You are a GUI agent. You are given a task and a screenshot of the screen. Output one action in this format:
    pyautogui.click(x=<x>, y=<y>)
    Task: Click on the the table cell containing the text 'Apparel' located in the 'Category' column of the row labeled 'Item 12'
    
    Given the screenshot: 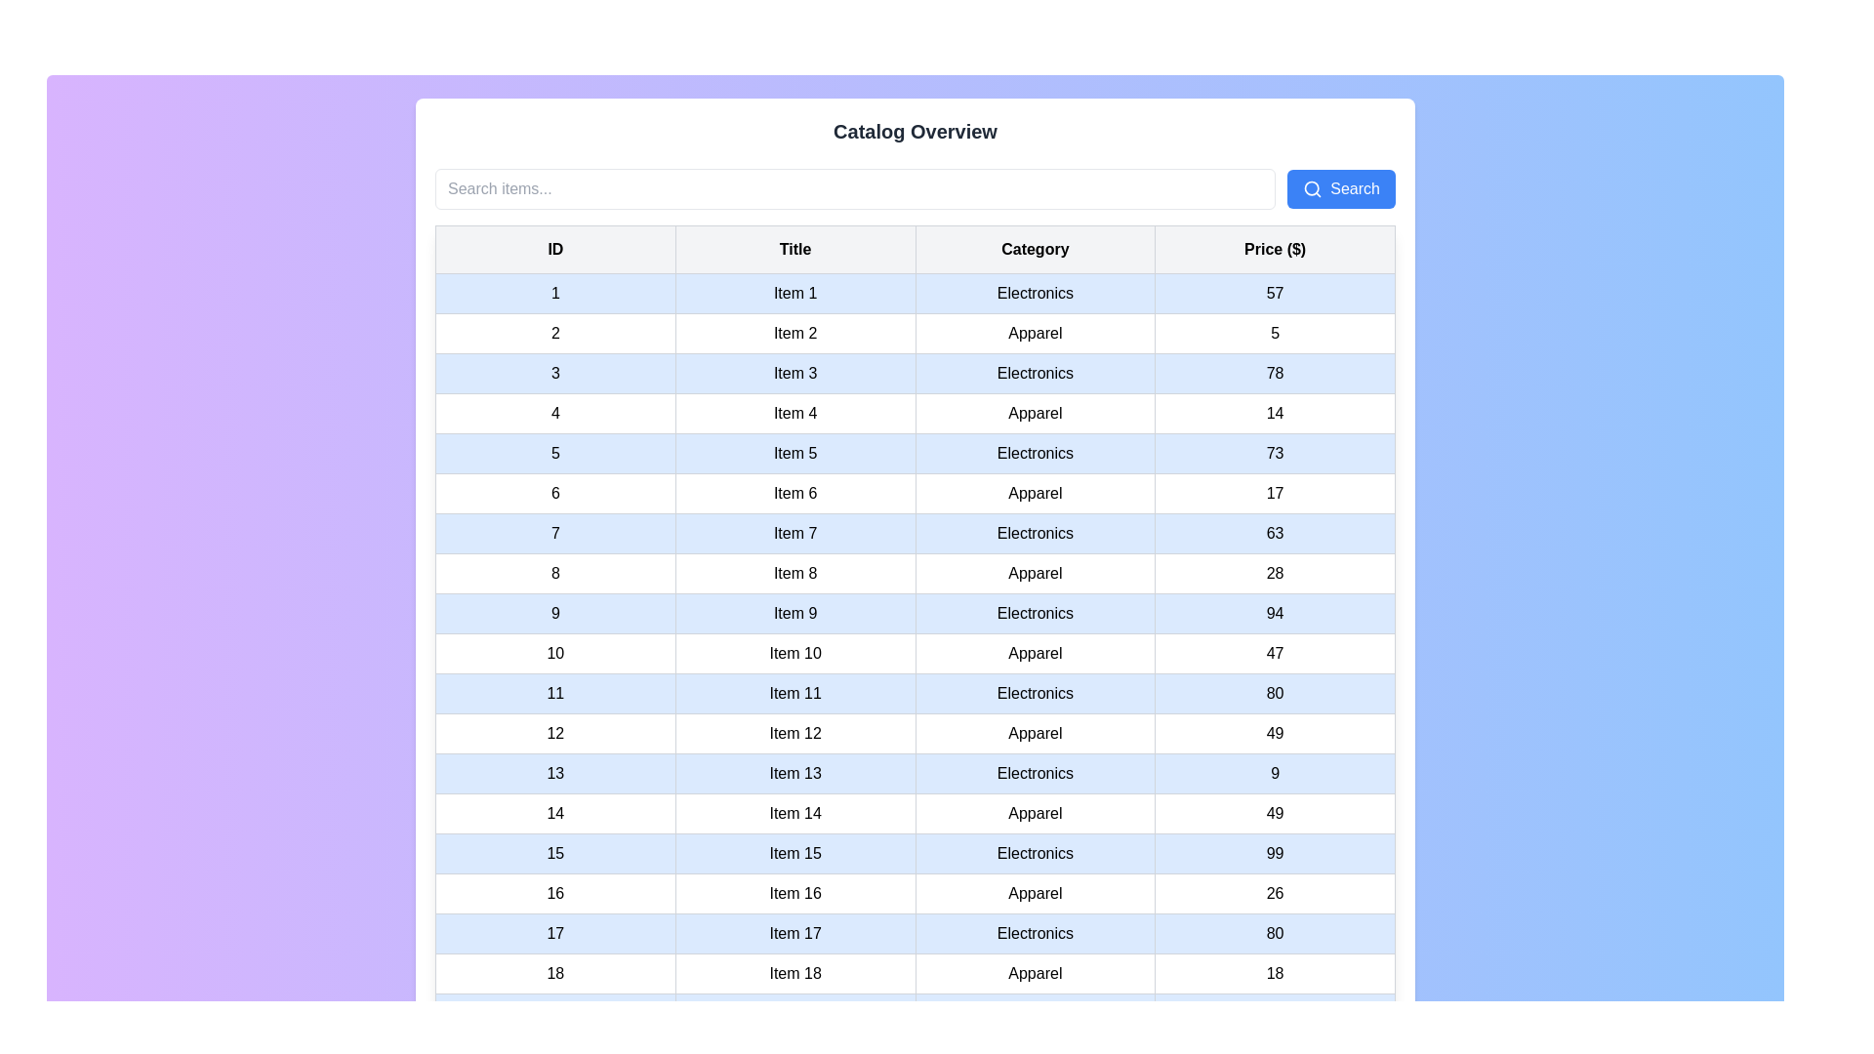 What is the action you would take?
    pyautogui.click(x=1034, y=734)
    